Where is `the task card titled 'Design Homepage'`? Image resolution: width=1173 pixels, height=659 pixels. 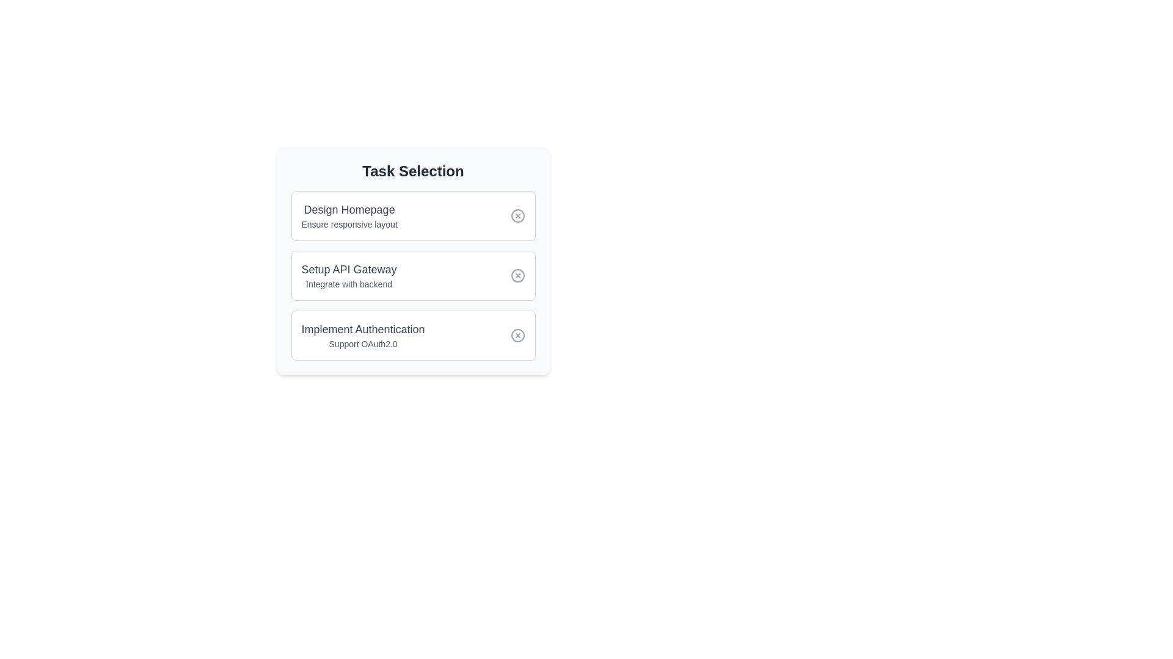
the task card titled 'Design Homepage' is located at coordinates (413, 215).